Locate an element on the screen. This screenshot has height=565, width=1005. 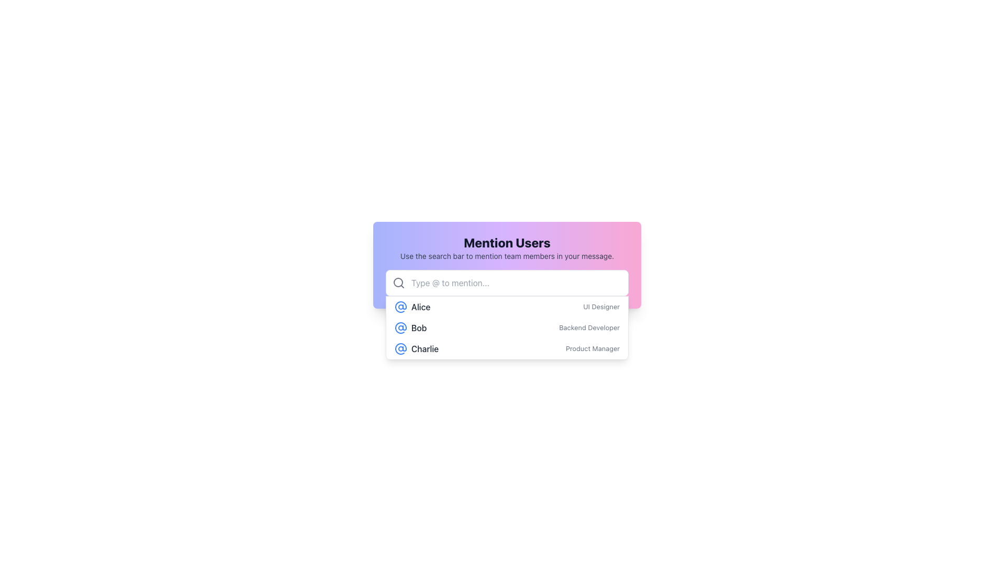
the text label UI component indicating the role 'Backend Developer' associated with the user 'Bob' located in the 'Mention Users' section is located at coordinates (589, 327).